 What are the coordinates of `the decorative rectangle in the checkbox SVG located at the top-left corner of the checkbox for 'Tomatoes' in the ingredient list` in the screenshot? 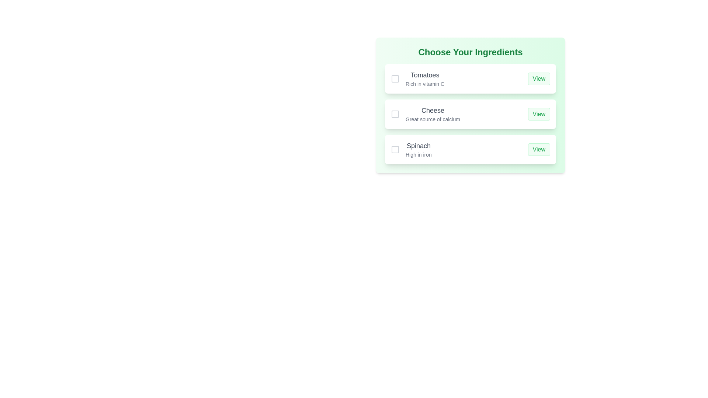 It's located at (395, 78).